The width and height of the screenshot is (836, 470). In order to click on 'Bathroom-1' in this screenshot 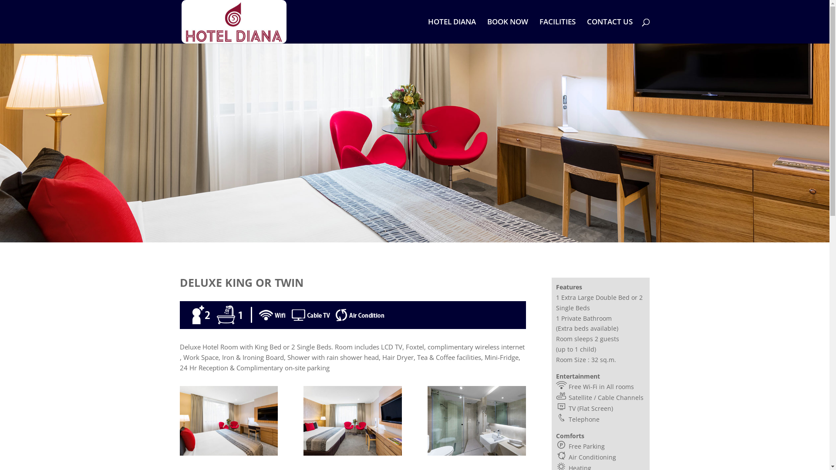, I will do `click(476, 453)`.